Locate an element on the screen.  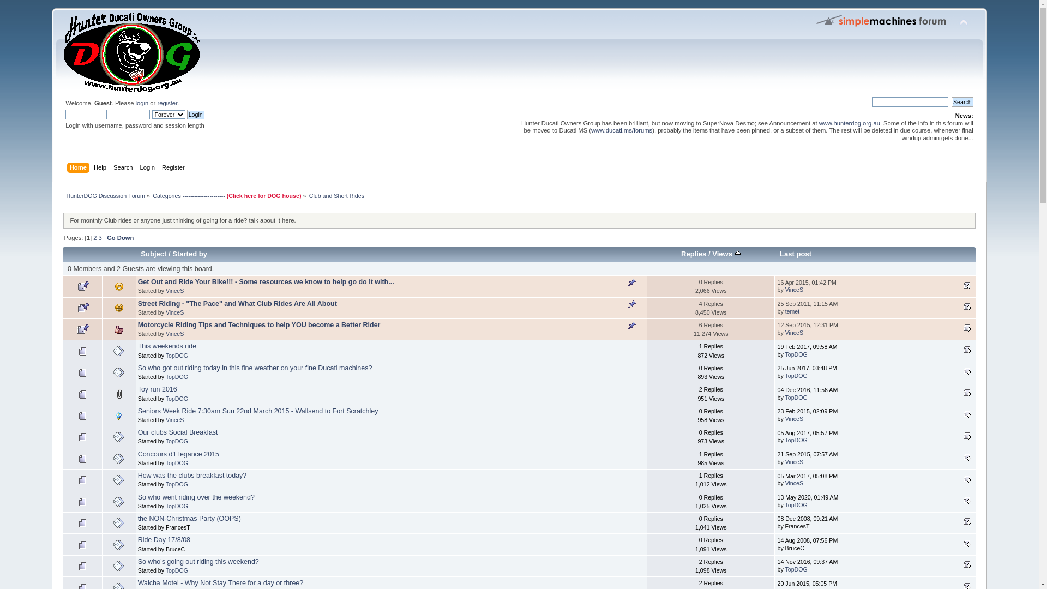
'Last post' is located at coordinates (967, 306).